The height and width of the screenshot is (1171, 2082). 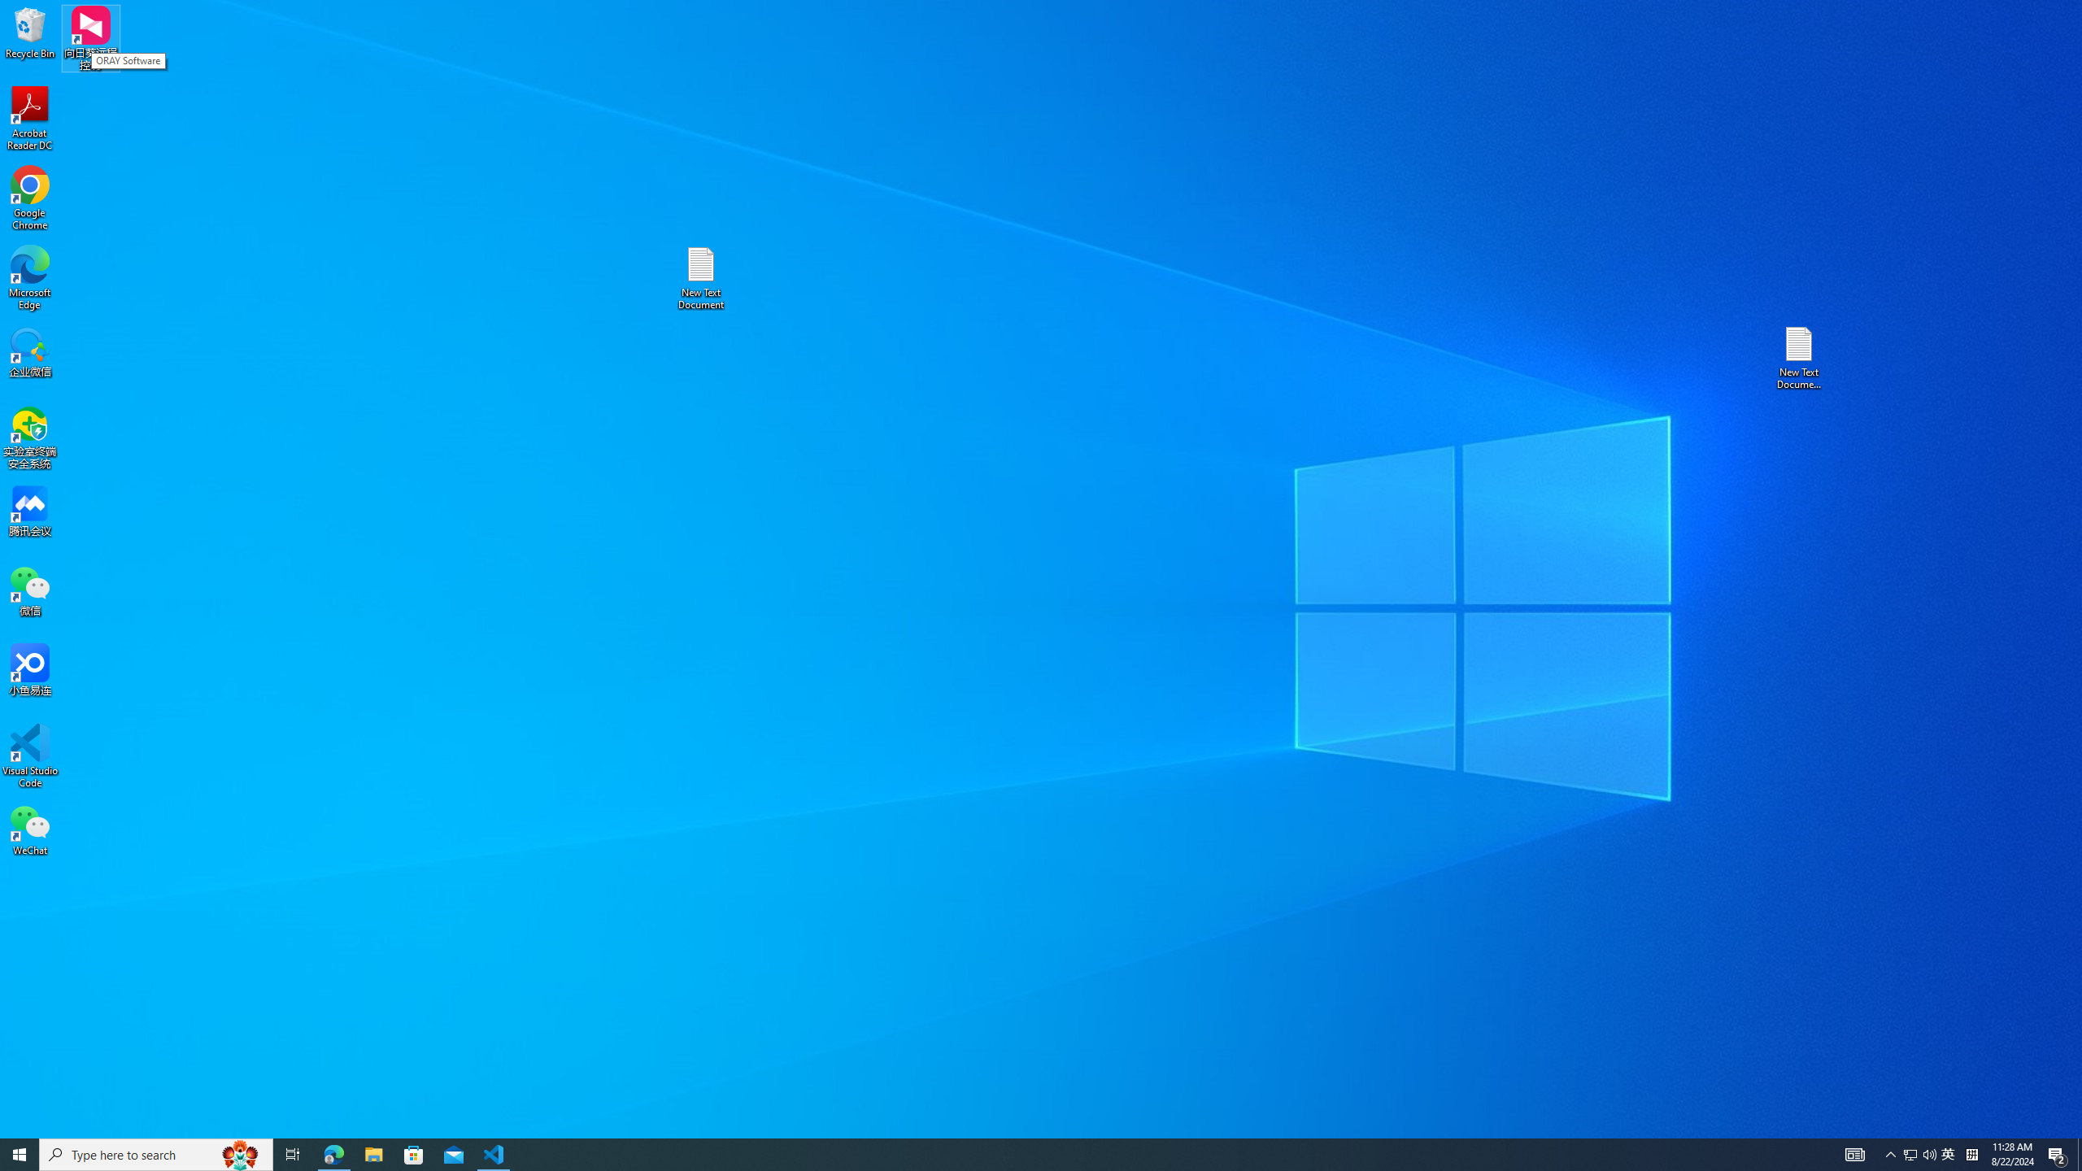 I want to click on 'Start', so click(x=20, y=1153).